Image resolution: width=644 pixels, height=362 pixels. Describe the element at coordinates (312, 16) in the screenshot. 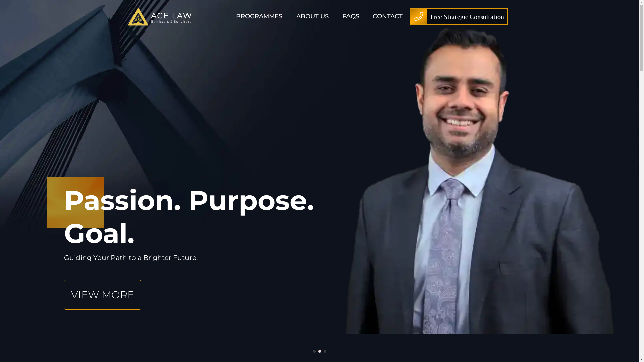

I see `'ABOUT US'` at that location.